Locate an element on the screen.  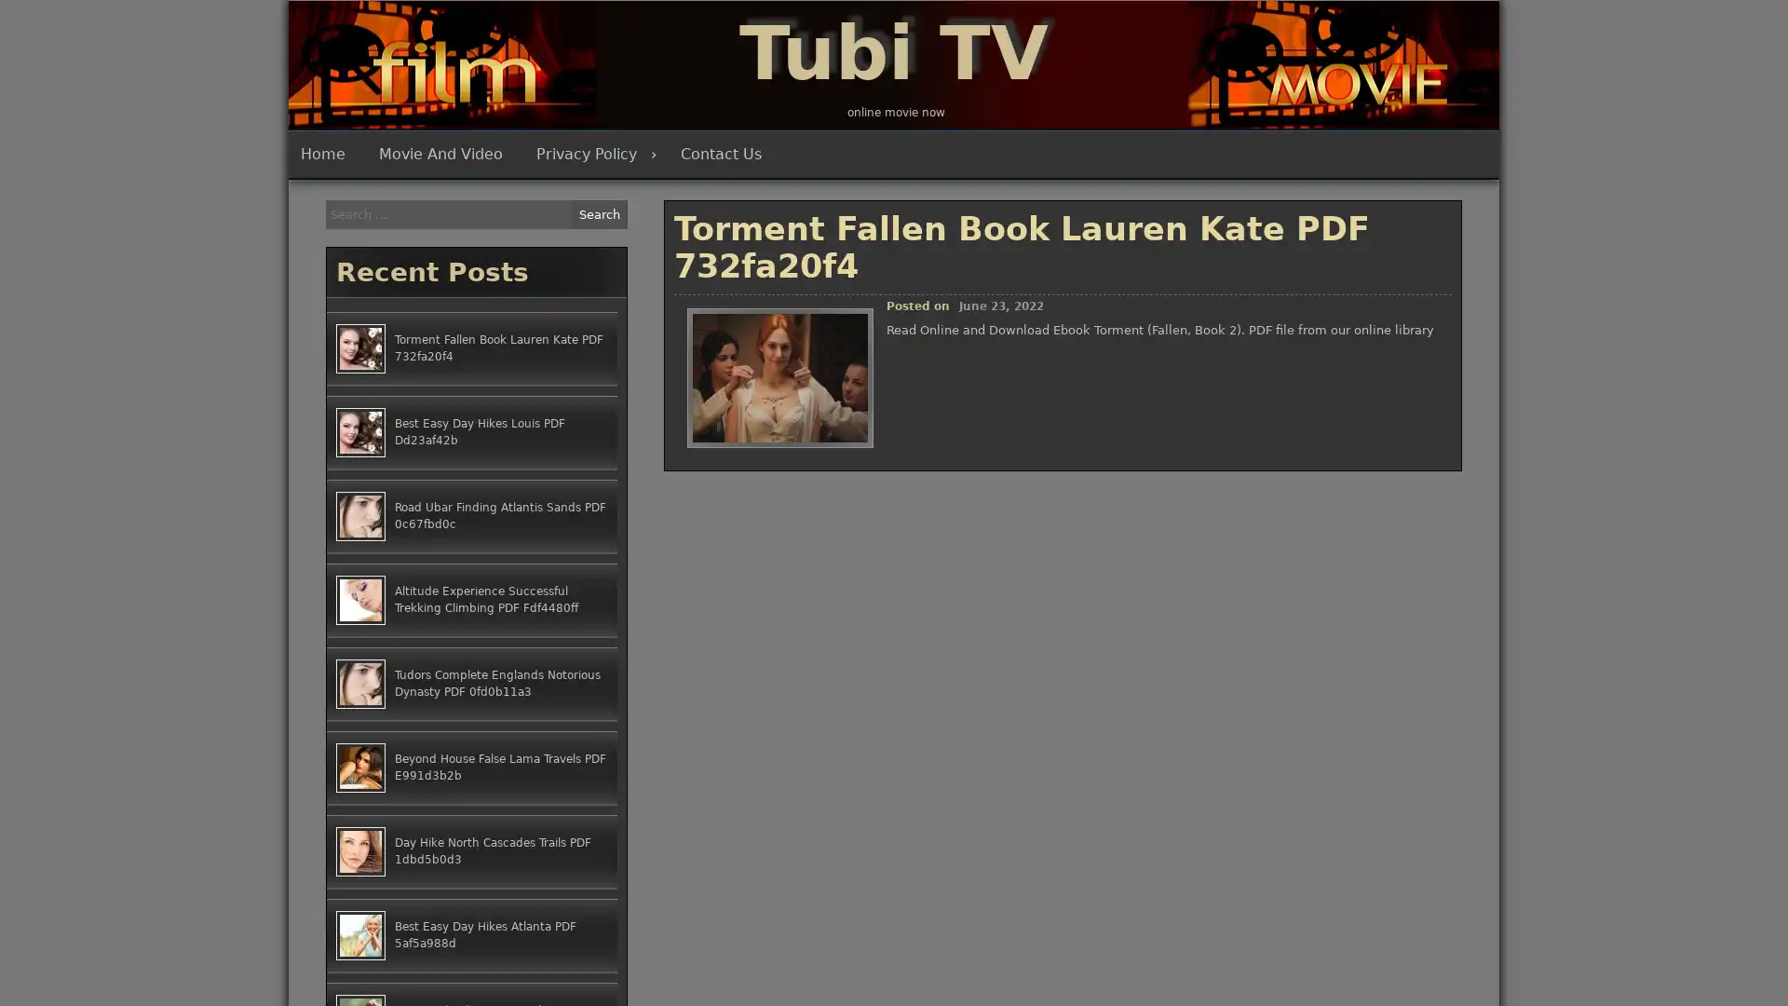
Search is located at coordinates (599, 213).